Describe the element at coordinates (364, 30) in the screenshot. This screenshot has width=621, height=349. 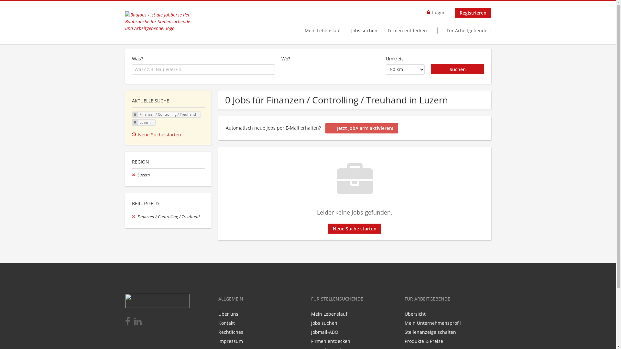
I see `'Jobs suchen'` at that location.